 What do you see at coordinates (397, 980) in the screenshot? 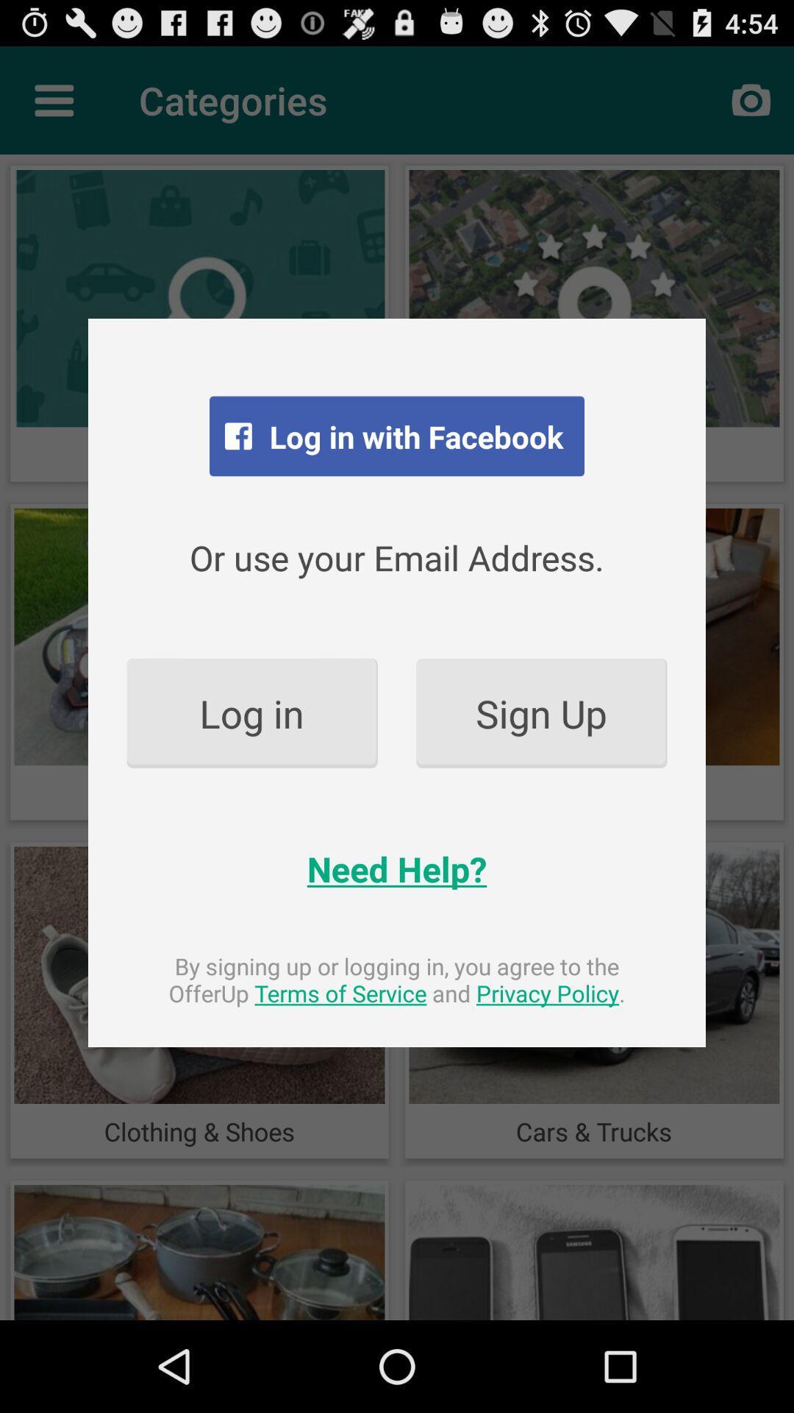
I see `the app at the bottom` at bounding box center [397, 980].